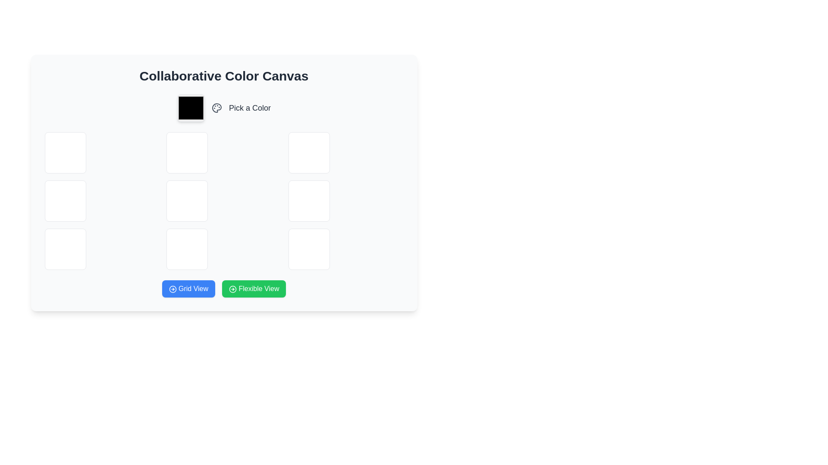 The height and width of the screenshot is (465, 828). What do you see at coordinates (190, 107) in the screenshot?
I see `the square-shaped color selection button with a black fill and light gray border, located in the row labeled 'Pick a Color'` at bounding box center [190, 107].